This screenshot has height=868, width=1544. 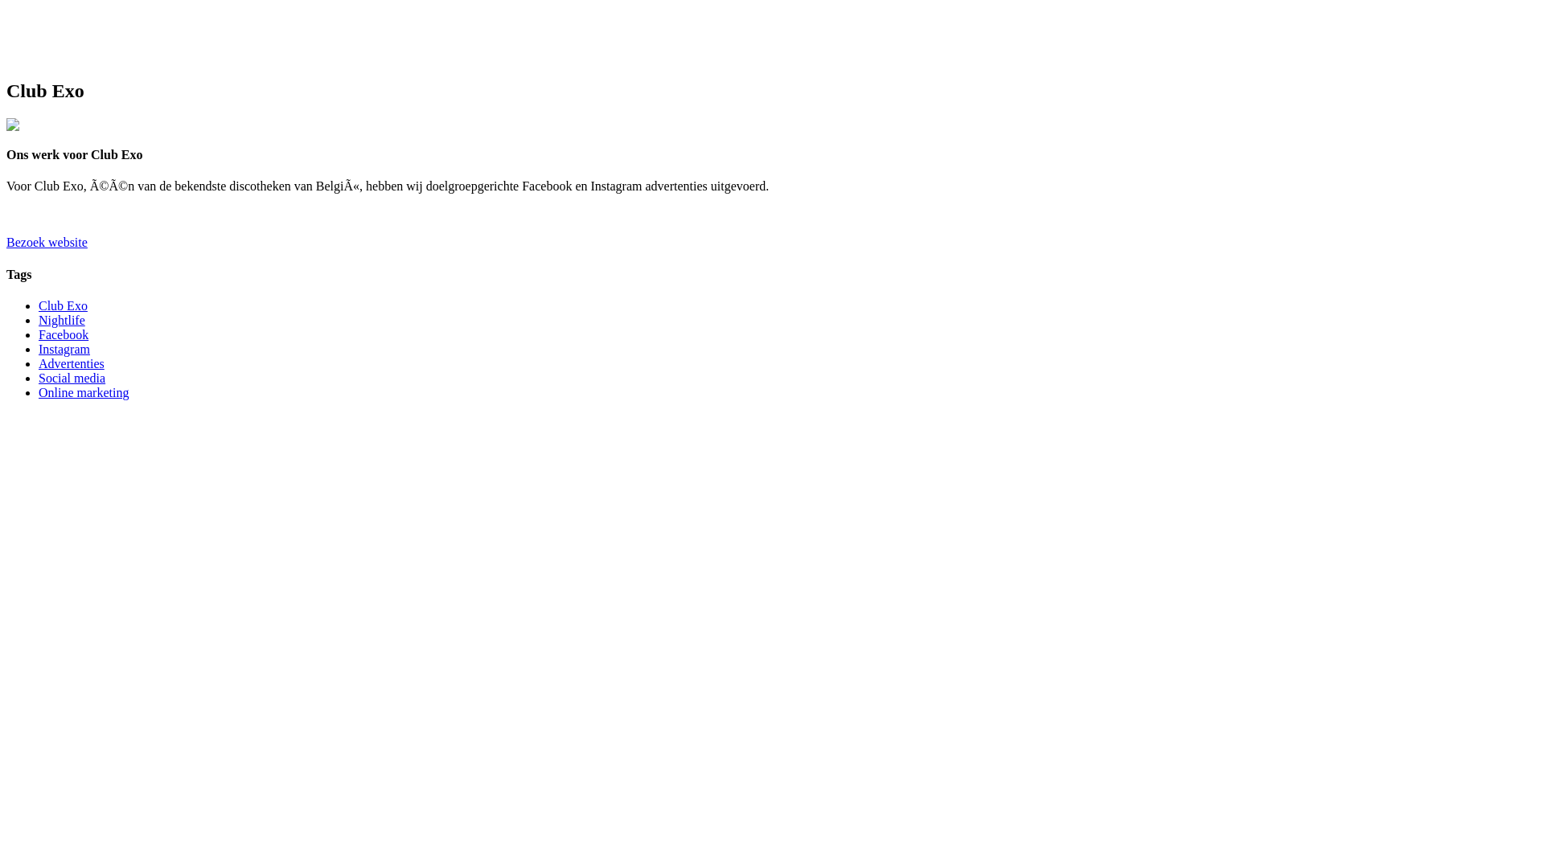 What do you see at coordinates (39, 363) in the screenshot?
I see `'Advertenties'` at bounding box center [39, 363].